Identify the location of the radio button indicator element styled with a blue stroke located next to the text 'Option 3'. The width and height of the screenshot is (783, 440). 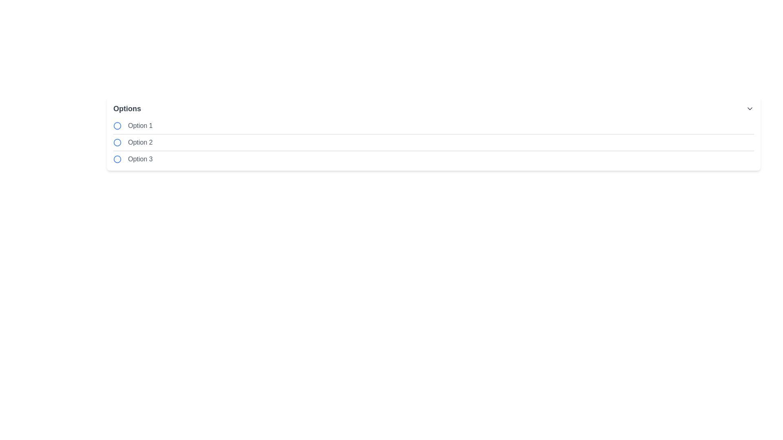
(117, 159).